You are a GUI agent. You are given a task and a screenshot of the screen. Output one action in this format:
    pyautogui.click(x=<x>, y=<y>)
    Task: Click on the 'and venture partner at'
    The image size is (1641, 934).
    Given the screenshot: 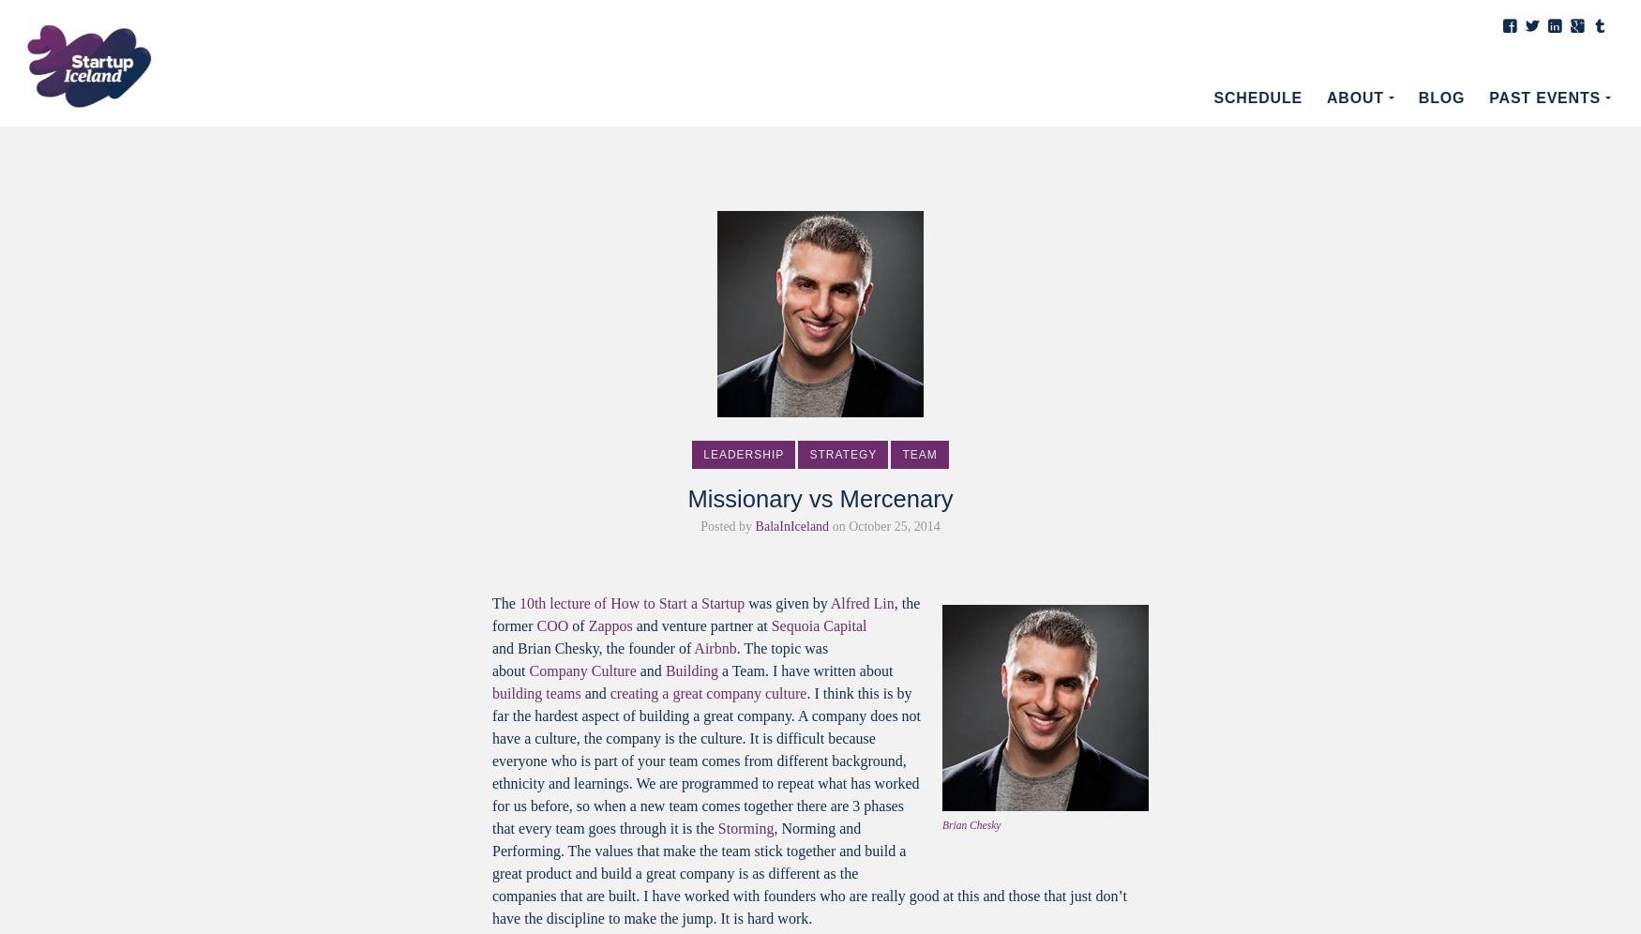 What is the action you would take?
    pyautogui.click(x=700, y=625)
    